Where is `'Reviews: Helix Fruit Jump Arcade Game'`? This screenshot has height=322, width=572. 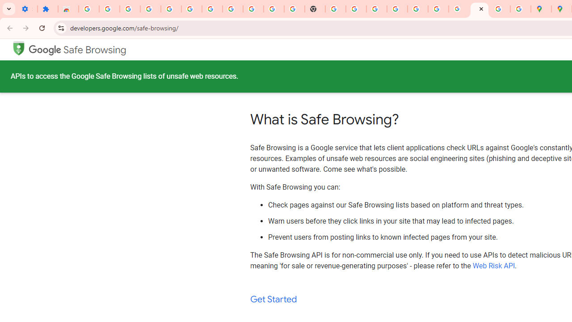
'Reviews: Helix Fruit Jump Arcade Game' is located at coordinates (68, 9).